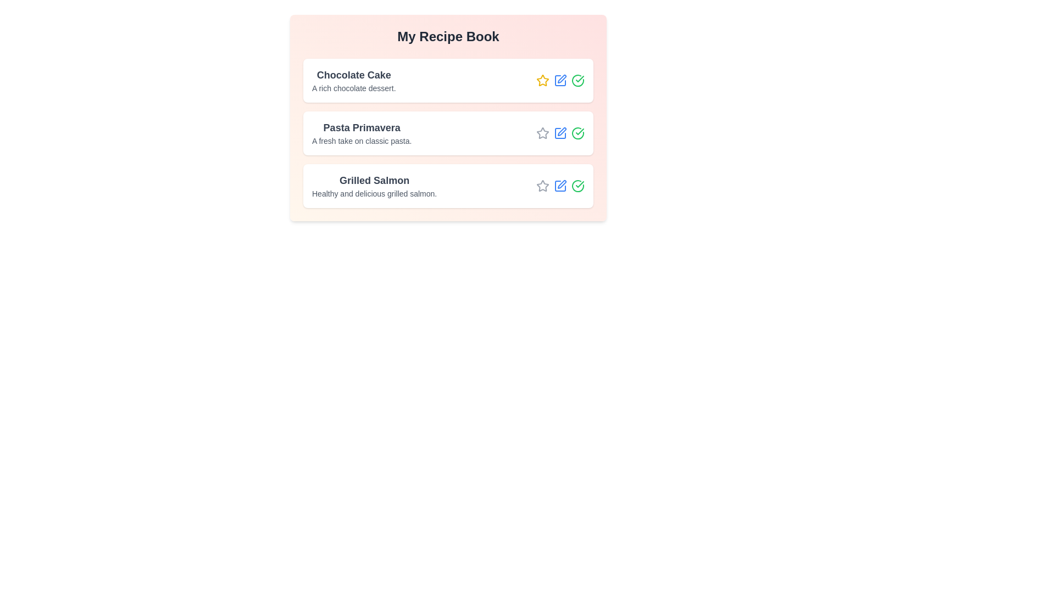  Describe the element at coordinates (577, 133) in the screenshot. I see `checkmark icon for the recipe titled Pasta Primavera to mark it as completed` at that location.